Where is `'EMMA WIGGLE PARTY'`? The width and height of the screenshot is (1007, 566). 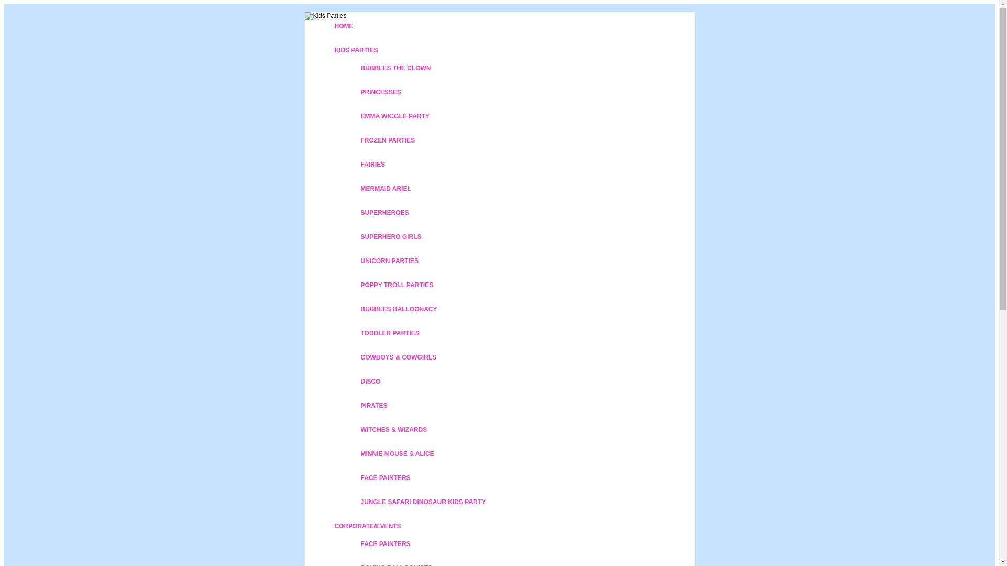 'EMMA WIGGLE PARTY' is located at coordinates (394, 116).